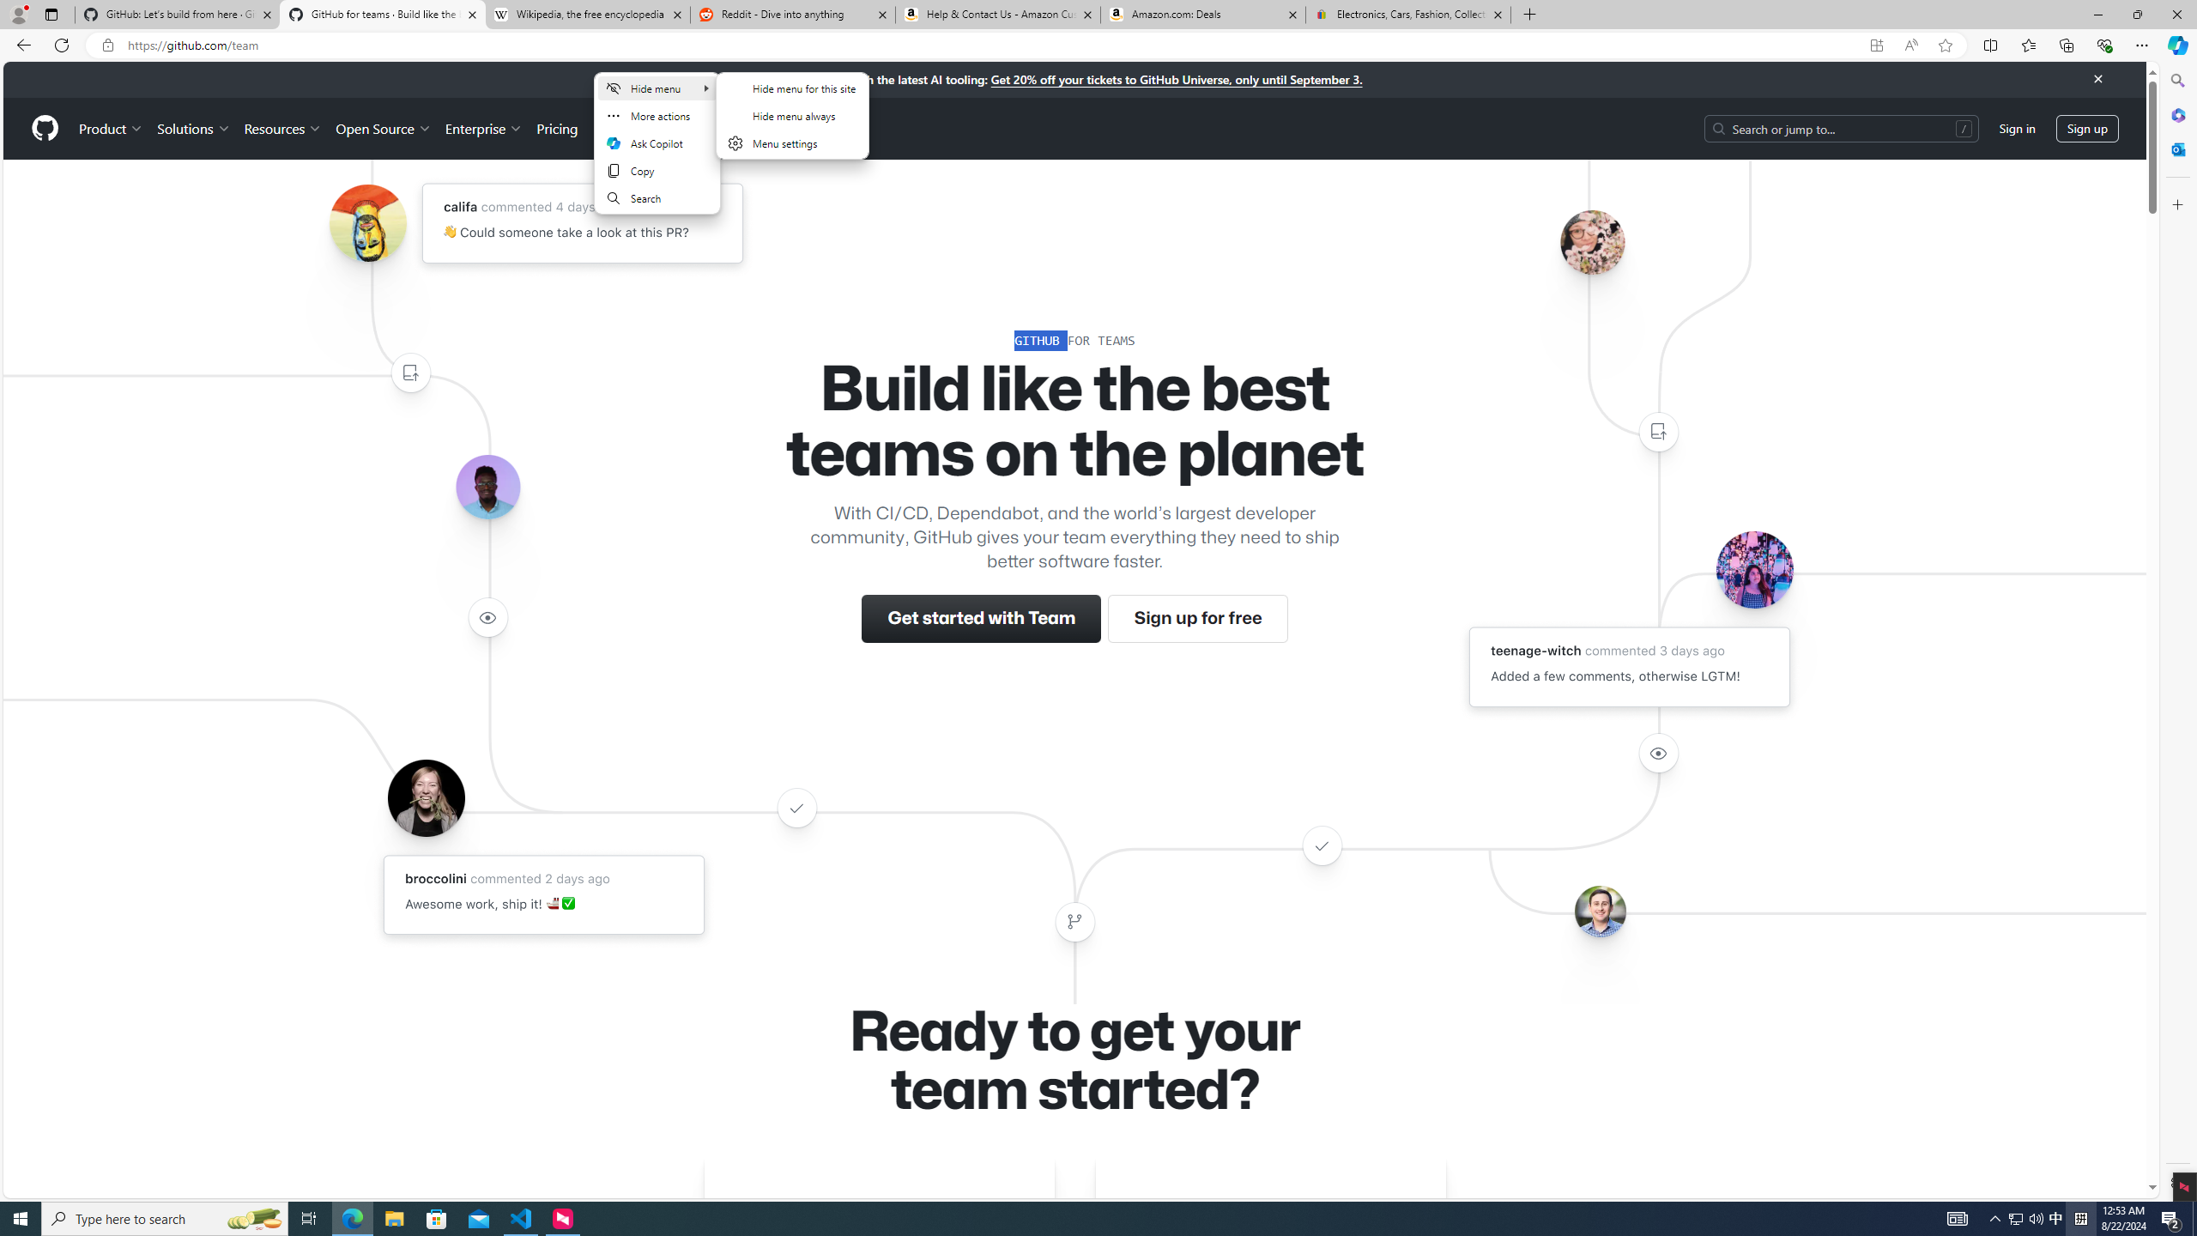 The height and width of the screenshot is (1236, 2197). Describe the element at coordinates (2086, 128) in the screenshot. I see `'Sign up'` at that location.